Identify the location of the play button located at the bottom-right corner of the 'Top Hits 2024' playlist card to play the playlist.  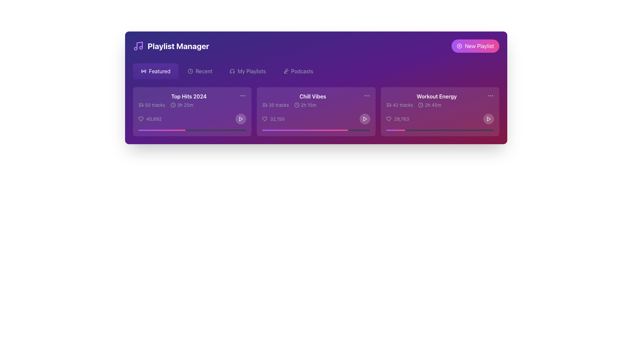
(240, 118).